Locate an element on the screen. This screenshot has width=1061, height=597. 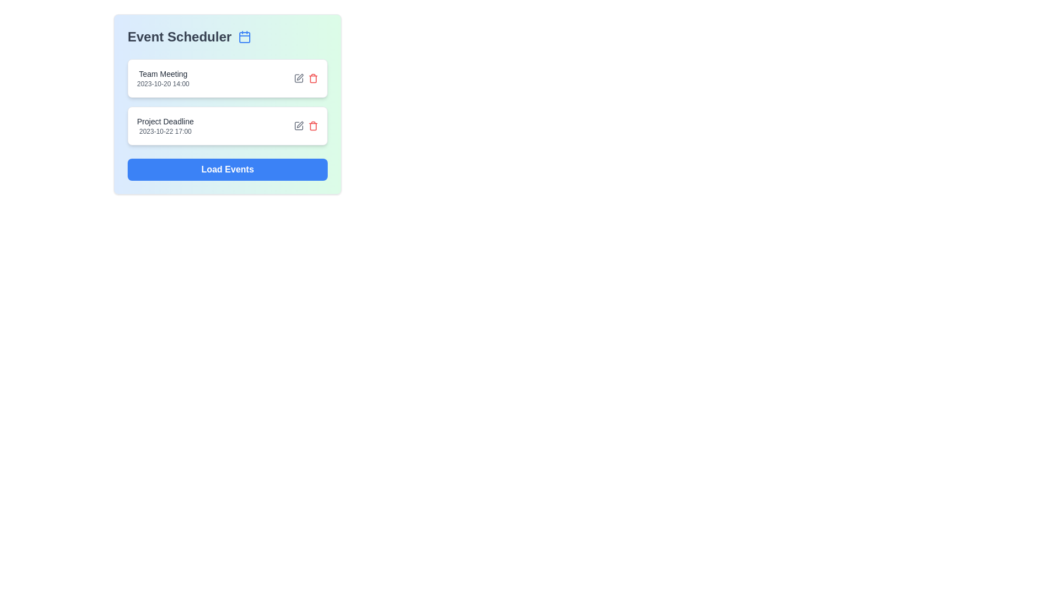
the displayed date and time in the text label located below the 'Project Deadline' heading, which indicates a schedule or deadline is located at coordinates (165, 131).